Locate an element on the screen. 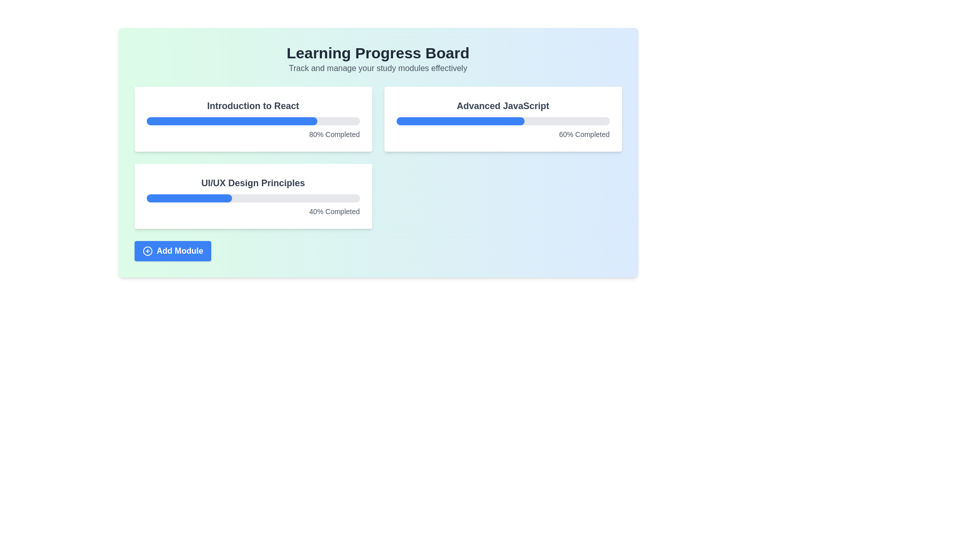 Image resolution: width=975 pixels, height=548 pixels. the progress bar fill indicating 60% completion of the Advanced JavaScript module is located at coordinates (460, 121).